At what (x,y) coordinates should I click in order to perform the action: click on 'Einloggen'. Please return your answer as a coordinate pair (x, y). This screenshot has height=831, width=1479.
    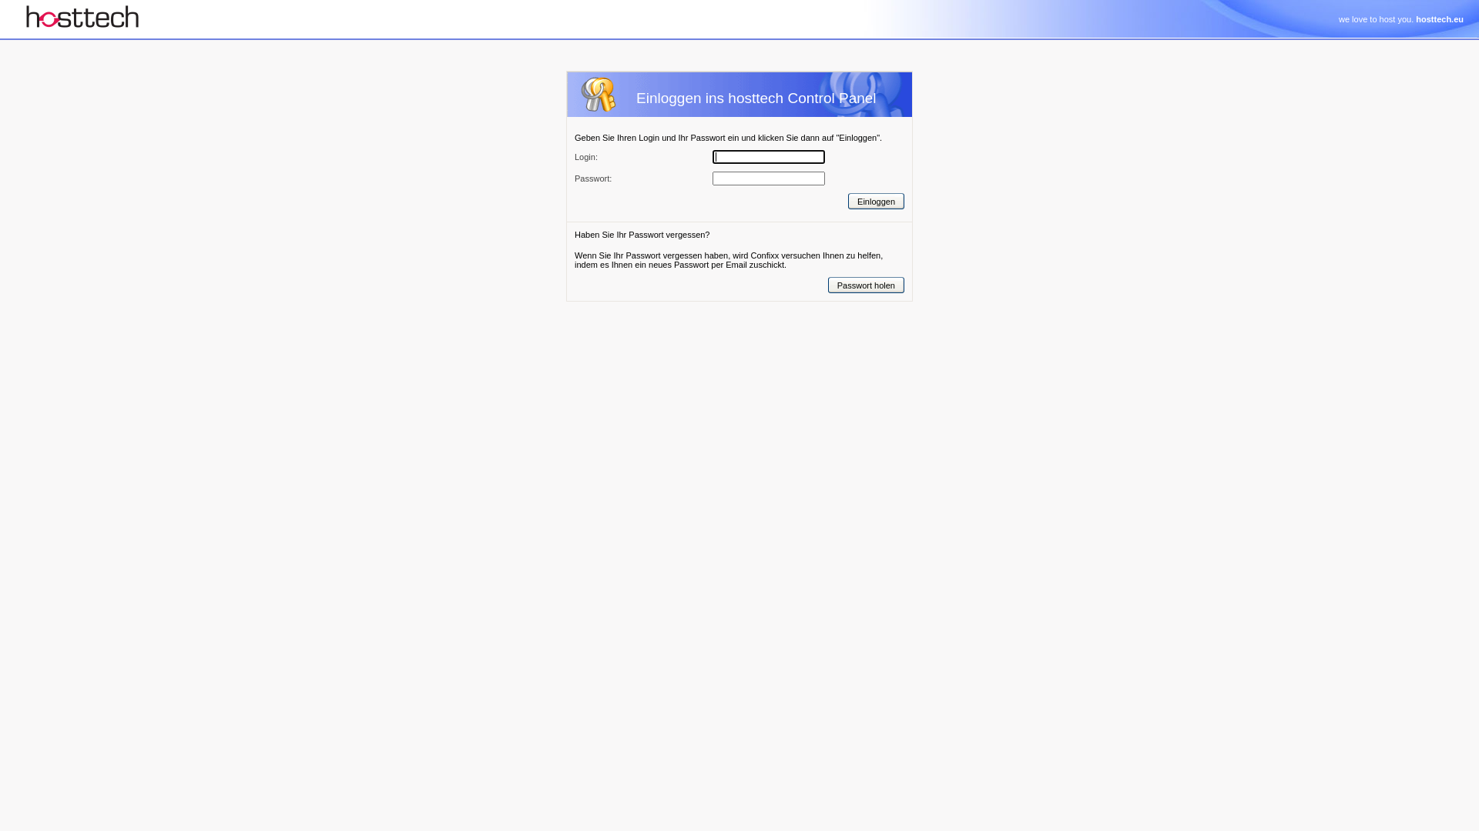
    Looking at the image, I should click on (876, 201).